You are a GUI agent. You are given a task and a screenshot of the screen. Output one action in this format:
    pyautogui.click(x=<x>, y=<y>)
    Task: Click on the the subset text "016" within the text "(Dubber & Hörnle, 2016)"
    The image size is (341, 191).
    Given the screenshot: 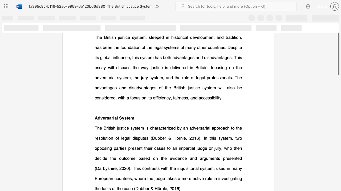 What is the action you would take?
    pyautogui.click(x=172, y=188)
    